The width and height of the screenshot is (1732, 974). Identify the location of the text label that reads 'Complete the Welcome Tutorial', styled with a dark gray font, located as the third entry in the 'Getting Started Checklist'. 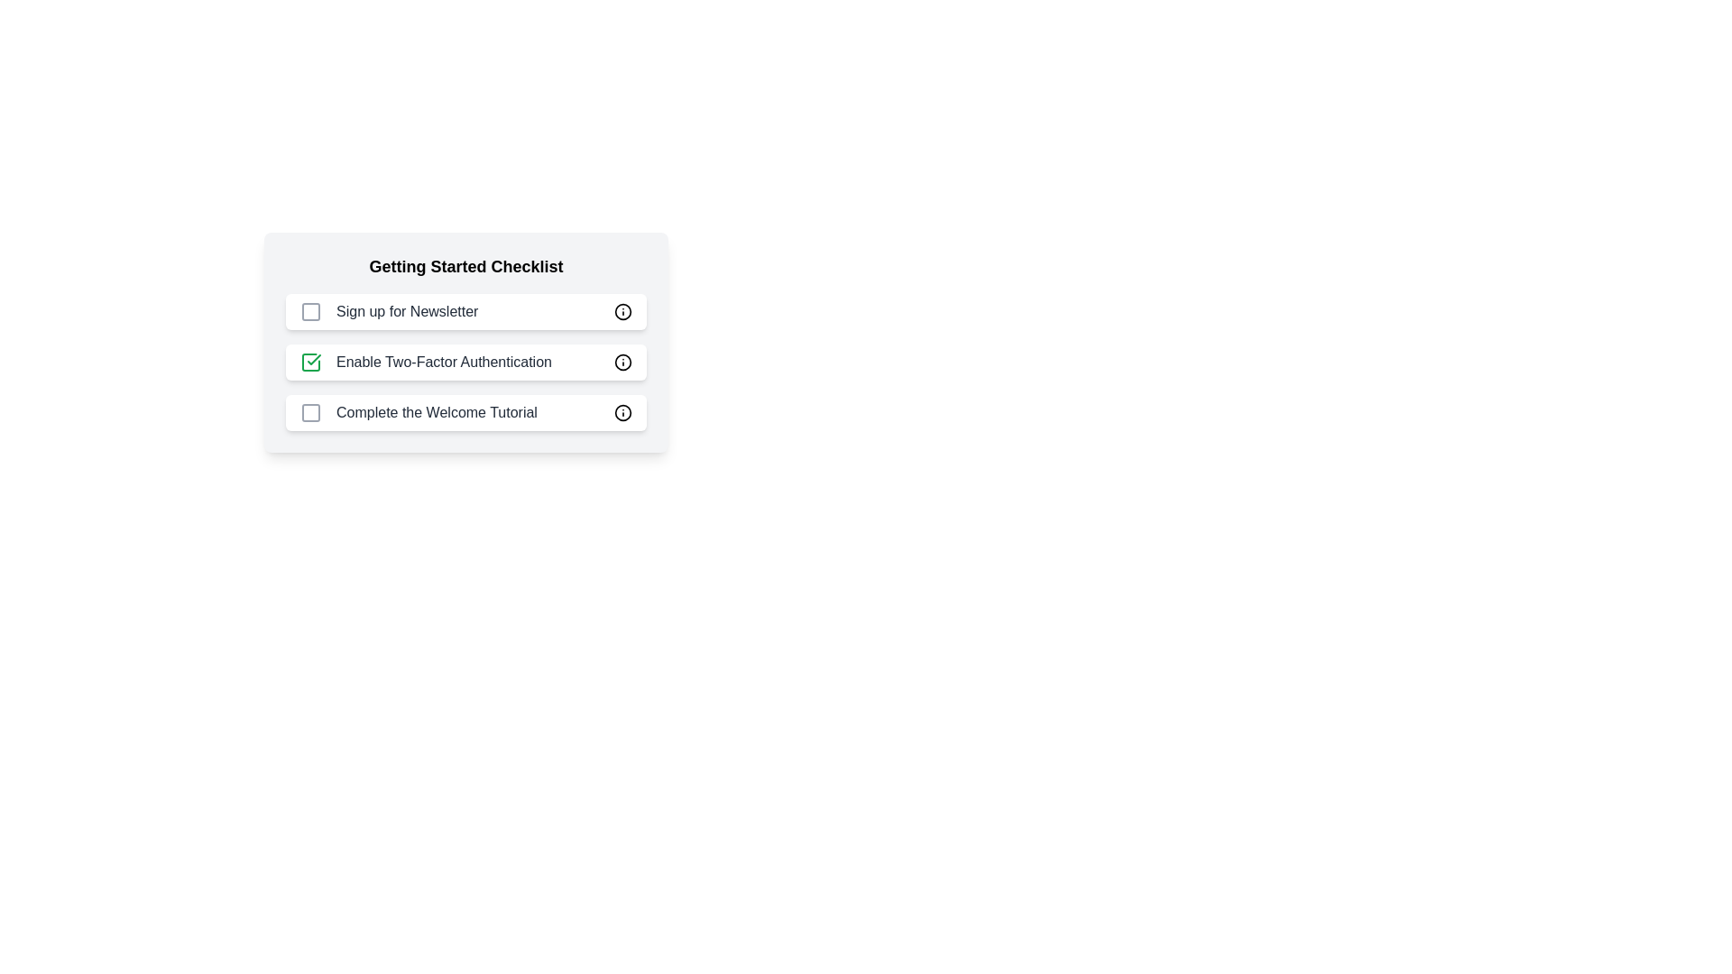
(437, 413).